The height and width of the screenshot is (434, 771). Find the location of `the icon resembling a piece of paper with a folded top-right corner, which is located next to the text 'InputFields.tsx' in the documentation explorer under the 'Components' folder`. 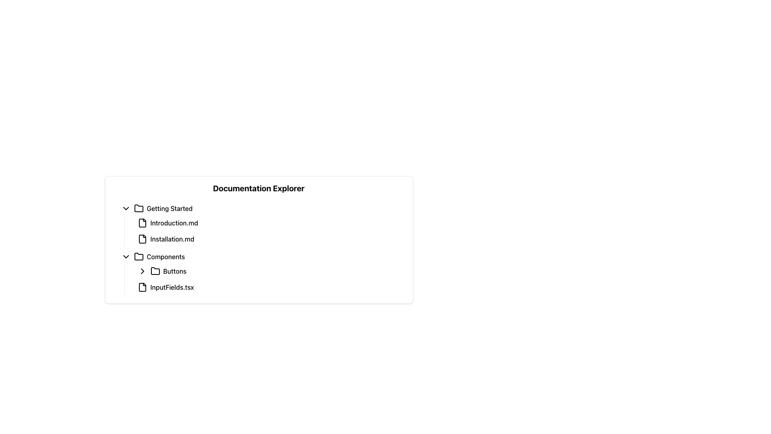

the icon resembling a piece of paper with a folded top-right corner, which is located next to the text 'InputFields.tsx' in the documentation explorer under the 'Components' folder is located at coordinates (142, 287).